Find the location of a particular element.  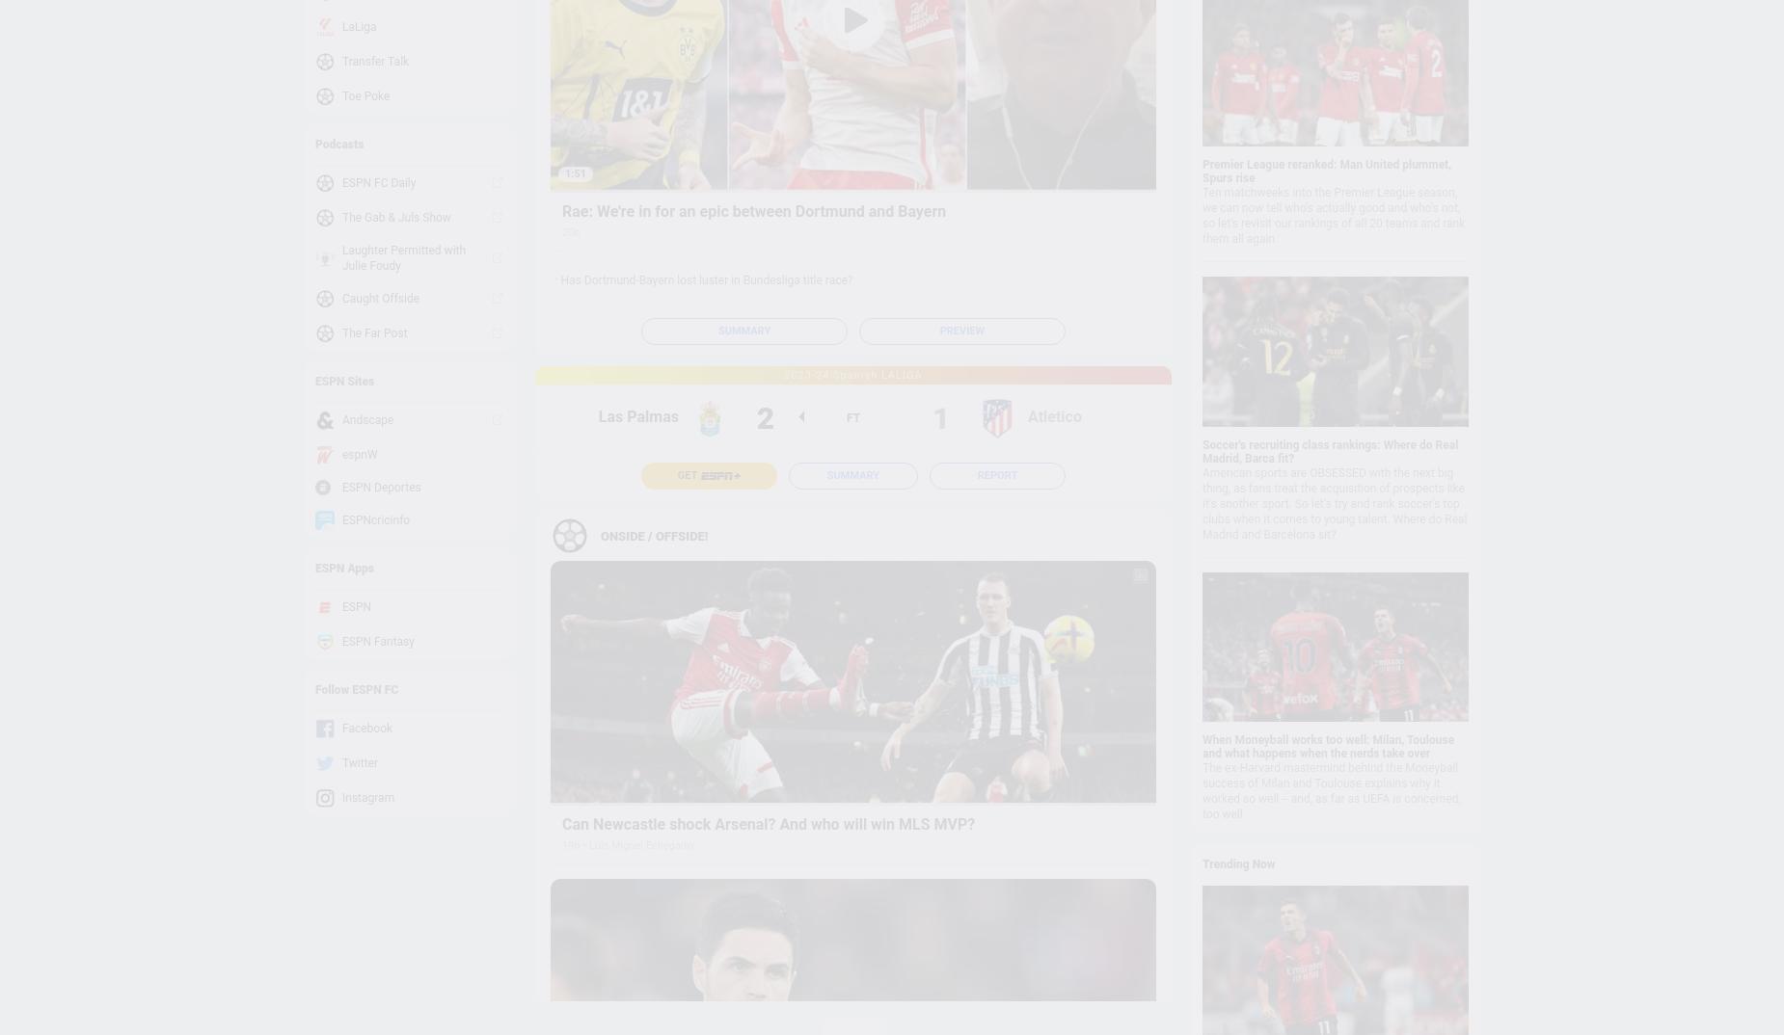

'19h' is located at coordinates (571, 844).